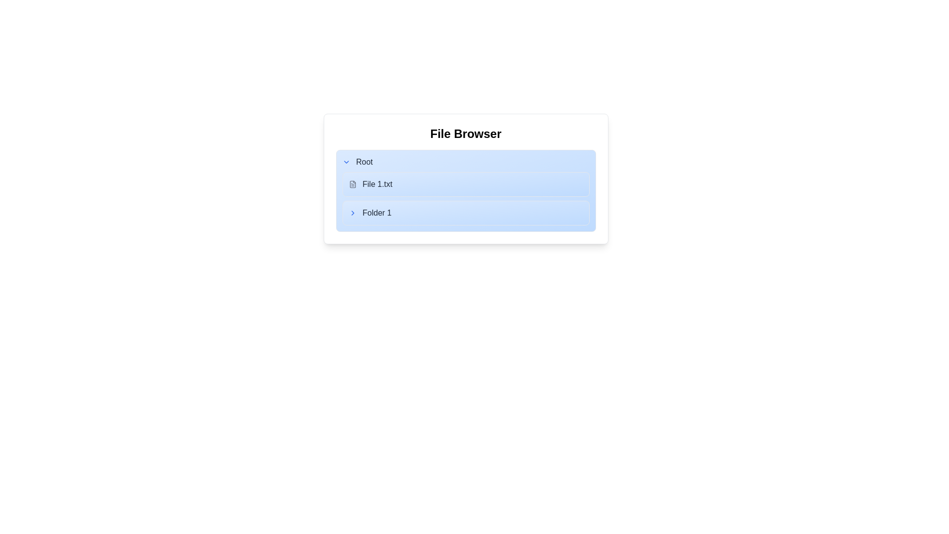 The image size is (949, 534). Describe the element at coordinates (352, 213) in the screenshot. I see `the right-facing chevron icon` at that location.